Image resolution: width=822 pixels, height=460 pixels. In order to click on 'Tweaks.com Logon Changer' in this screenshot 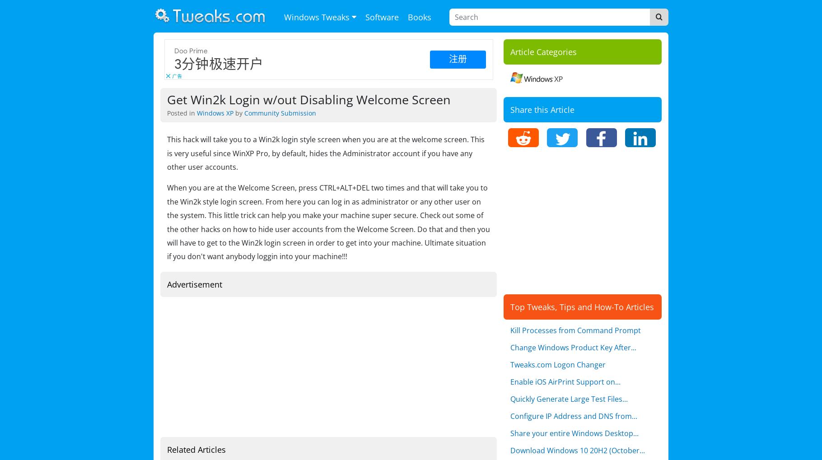, I will do `click(510, 364)`.